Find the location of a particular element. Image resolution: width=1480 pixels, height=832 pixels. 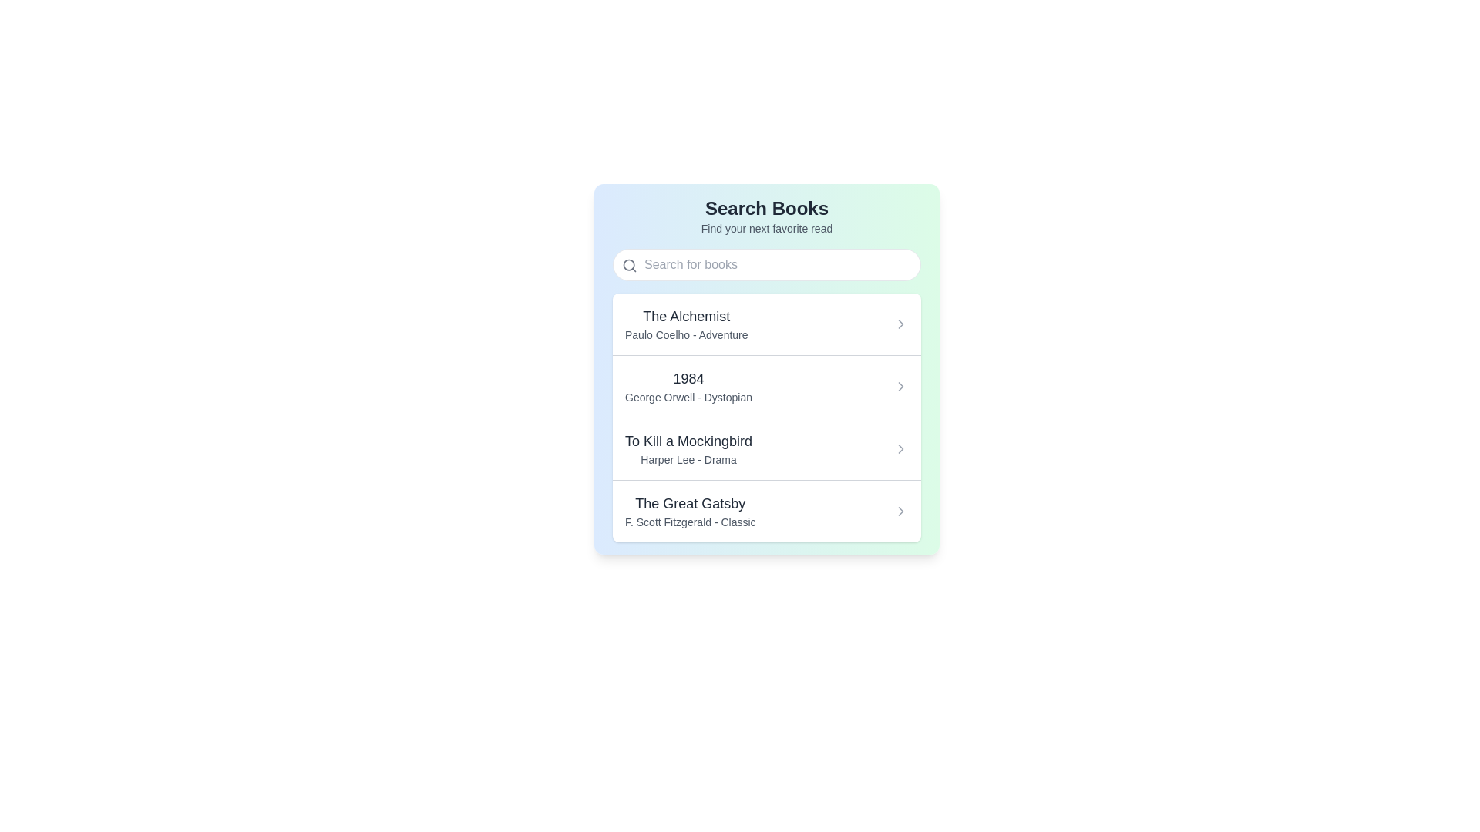

the text element displaying the title 'The Alchemist' in bold black font, located at the top of the book list is located at coordinates (685, 316).